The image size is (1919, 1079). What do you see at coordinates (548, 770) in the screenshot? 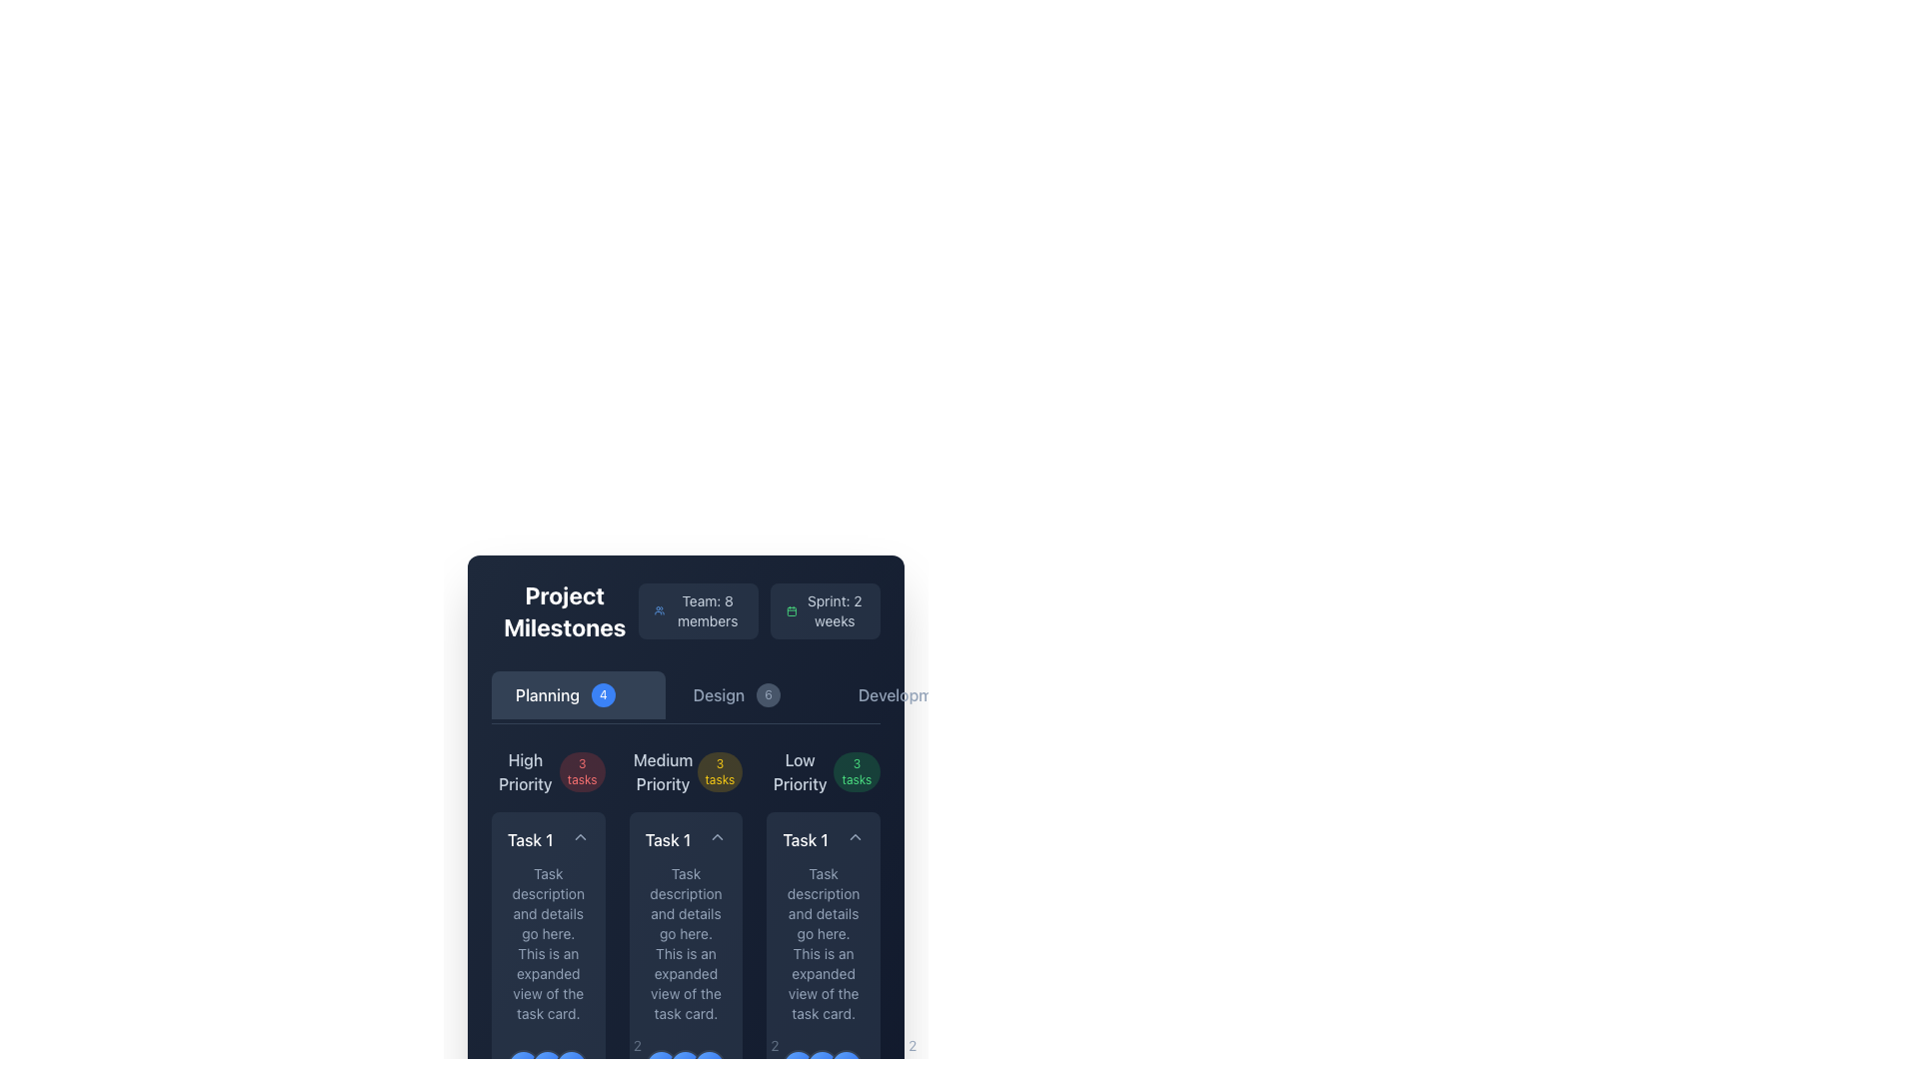
I see `the text label with the badge that displays 'High Priority' on the left and '3 tasks' in a red badge on the right, located beneath the 'Project Milestones' header` at bounding box center [548, 770].